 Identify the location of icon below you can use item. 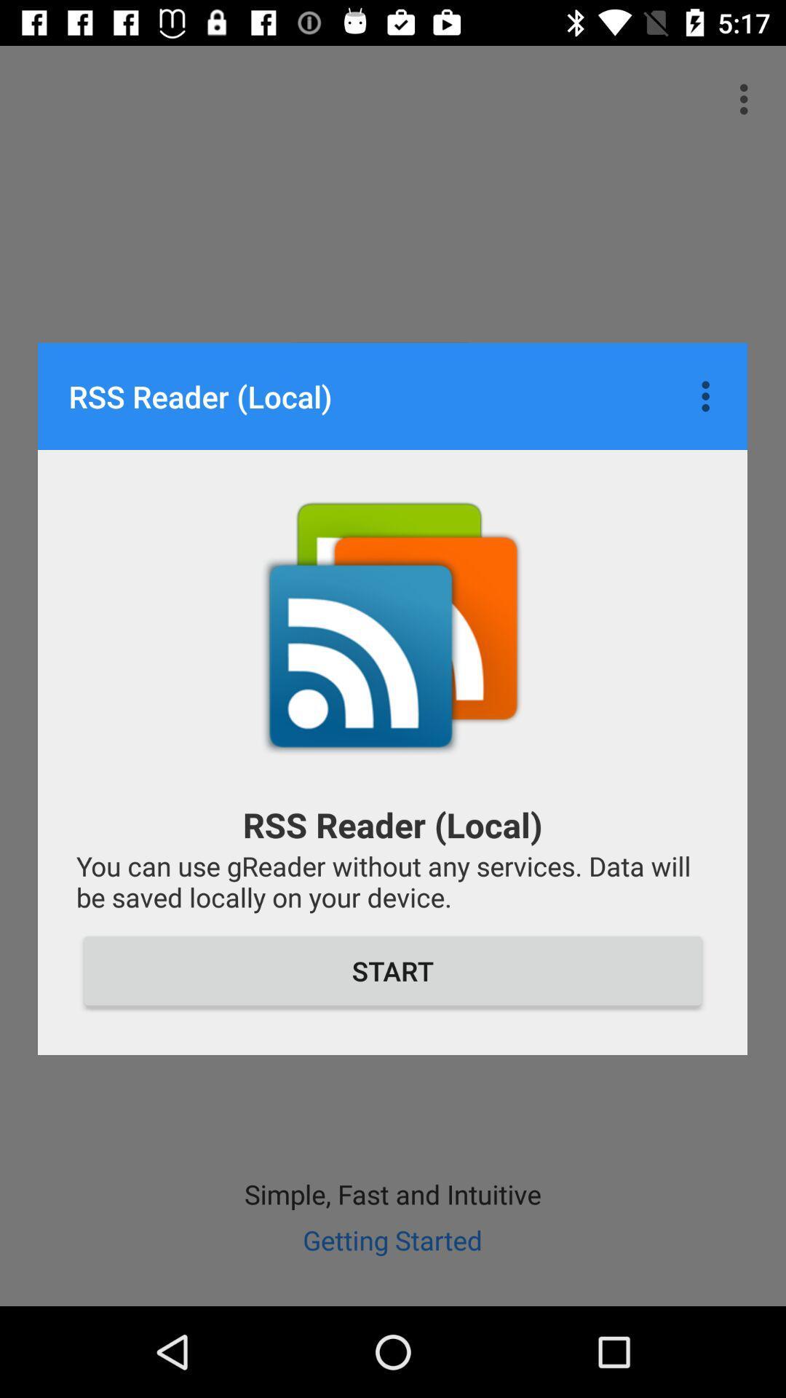
(393, 971).